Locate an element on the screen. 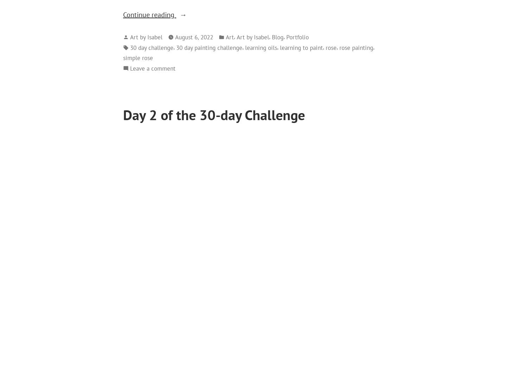 This screenshot has height=378, width=510. 'Leave a comment' is located at coordinates (152, 67).